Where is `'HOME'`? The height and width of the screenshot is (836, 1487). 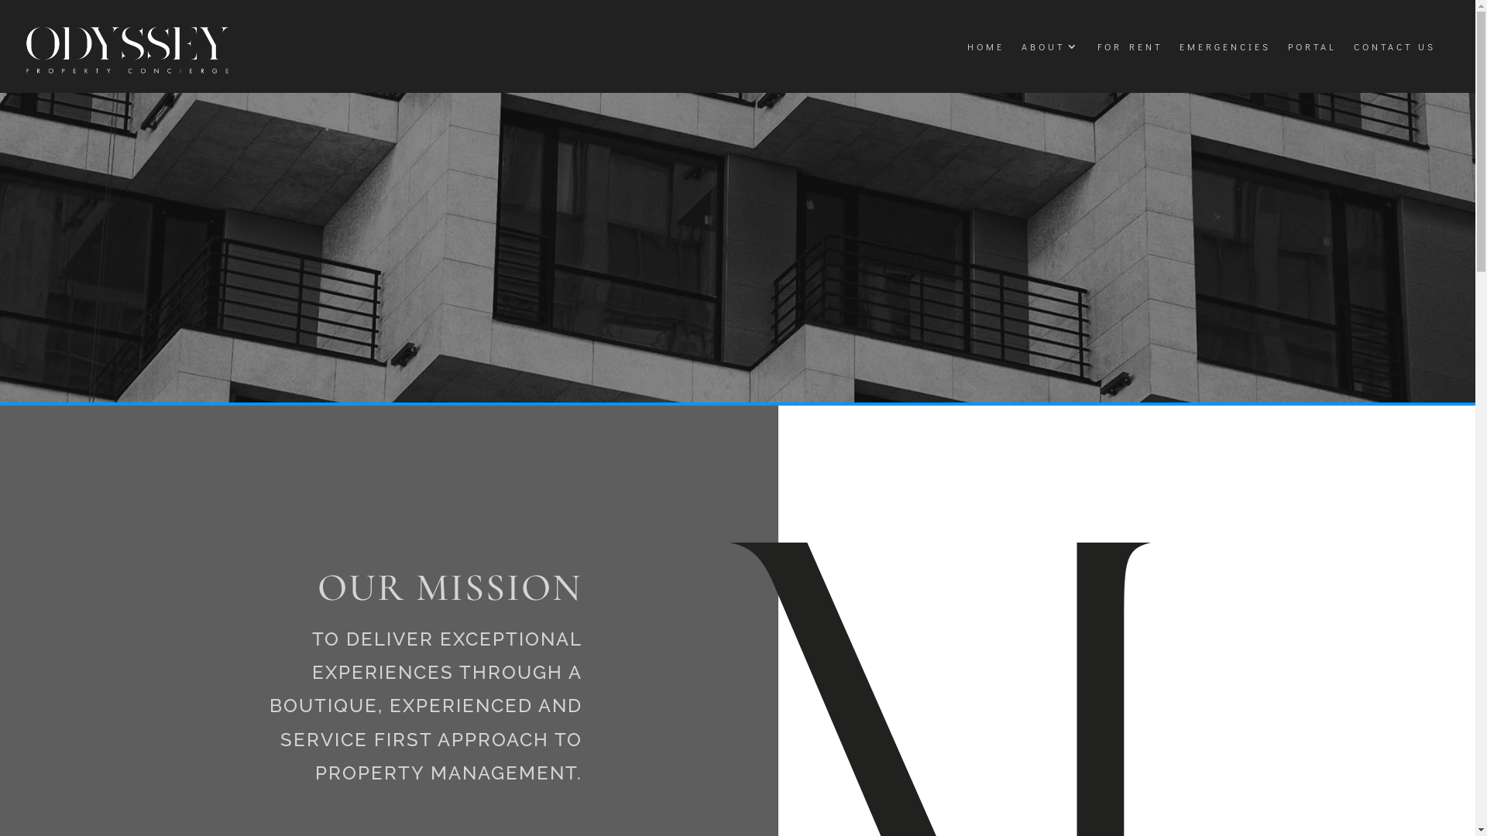
'HOME' is located at coordinates (984, 46).